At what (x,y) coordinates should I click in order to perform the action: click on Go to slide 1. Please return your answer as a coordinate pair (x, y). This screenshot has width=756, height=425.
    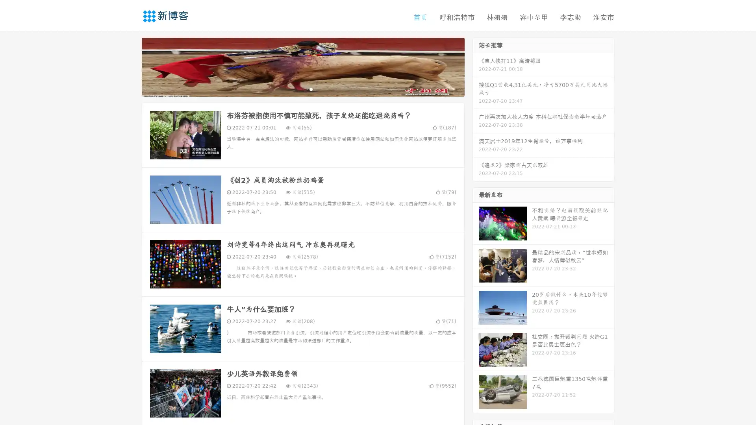
    Looking at the image, I should click on (295, 89).